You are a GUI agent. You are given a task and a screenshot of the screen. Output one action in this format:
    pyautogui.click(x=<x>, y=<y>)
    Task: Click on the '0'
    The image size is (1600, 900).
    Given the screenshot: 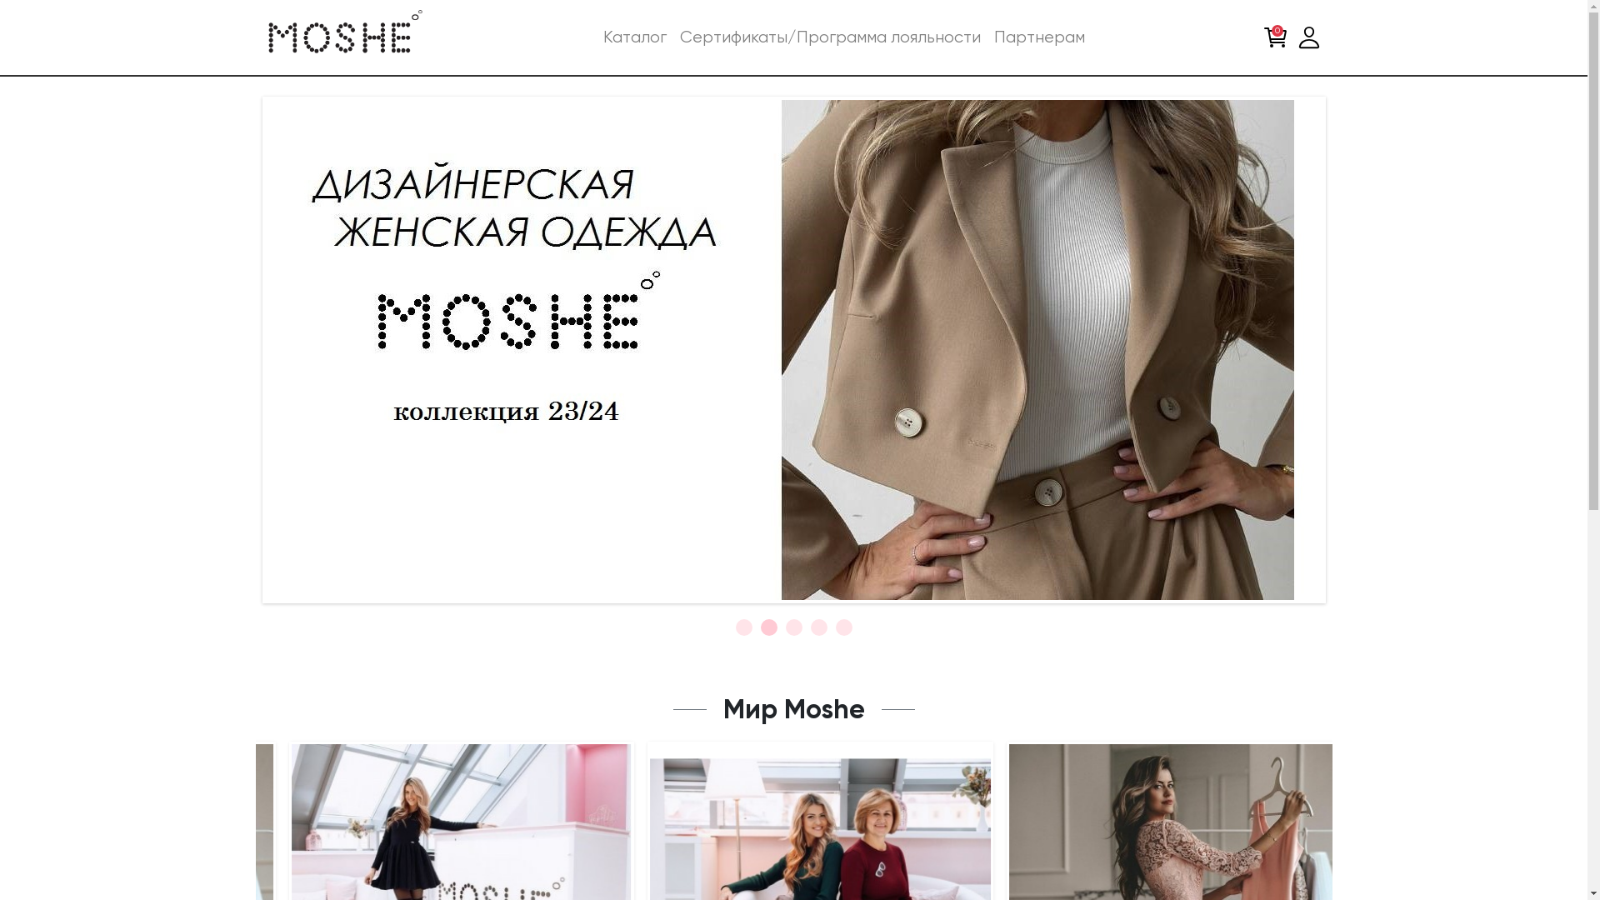 What is the action you would take?
    pyautogui.click(x=1258, y=37)
    